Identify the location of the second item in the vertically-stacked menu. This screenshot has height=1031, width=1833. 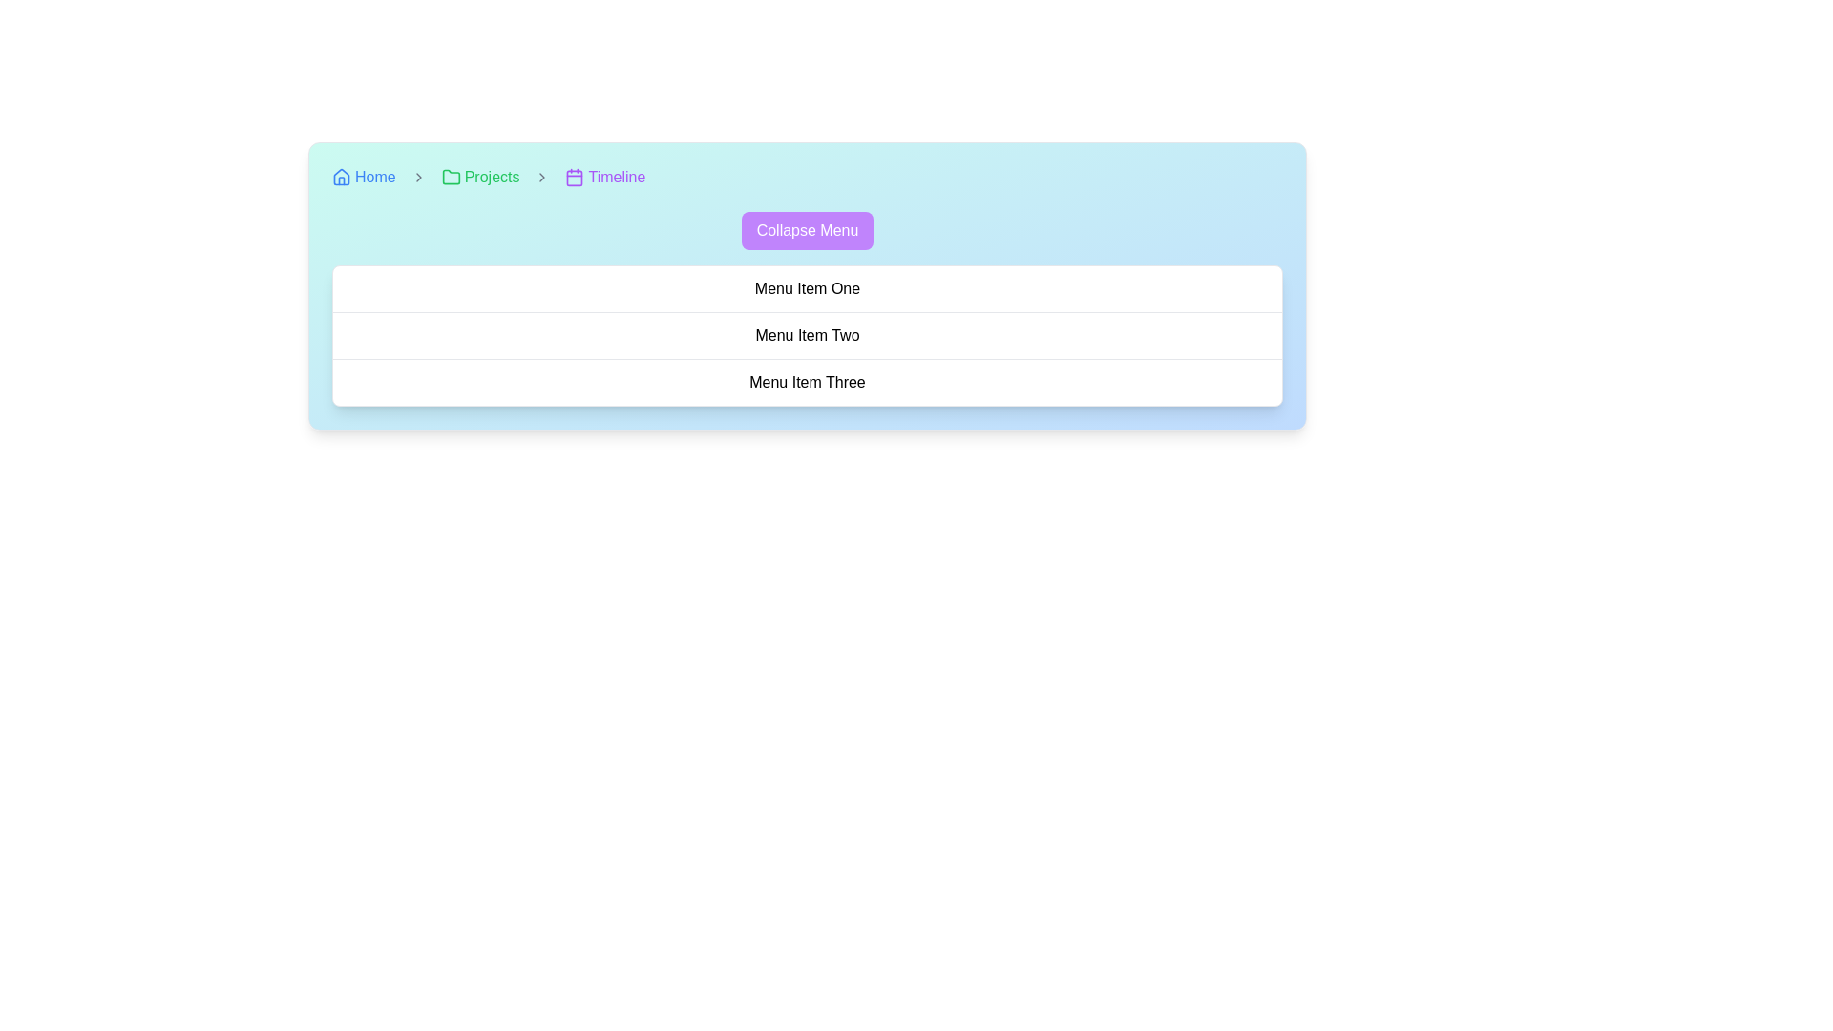
(807, 334).